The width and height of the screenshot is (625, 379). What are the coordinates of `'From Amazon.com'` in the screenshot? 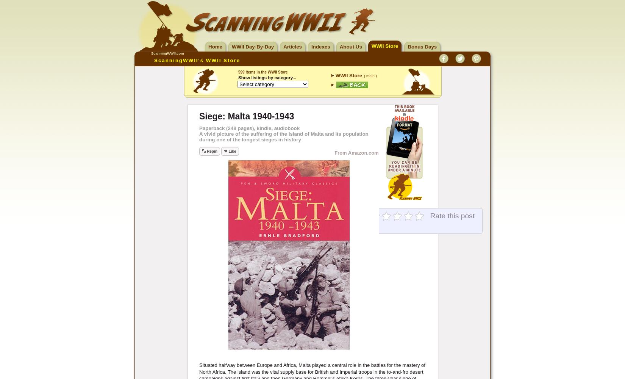 It's located at (356, 153).